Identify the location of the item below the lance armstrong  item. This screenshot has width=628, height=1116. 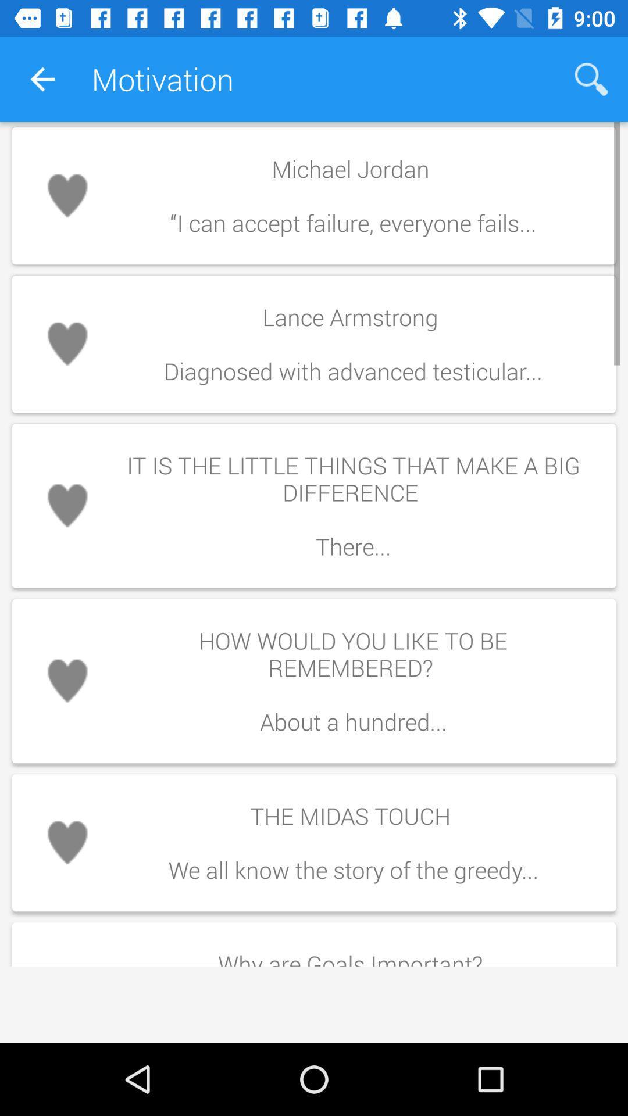
(352, 506).